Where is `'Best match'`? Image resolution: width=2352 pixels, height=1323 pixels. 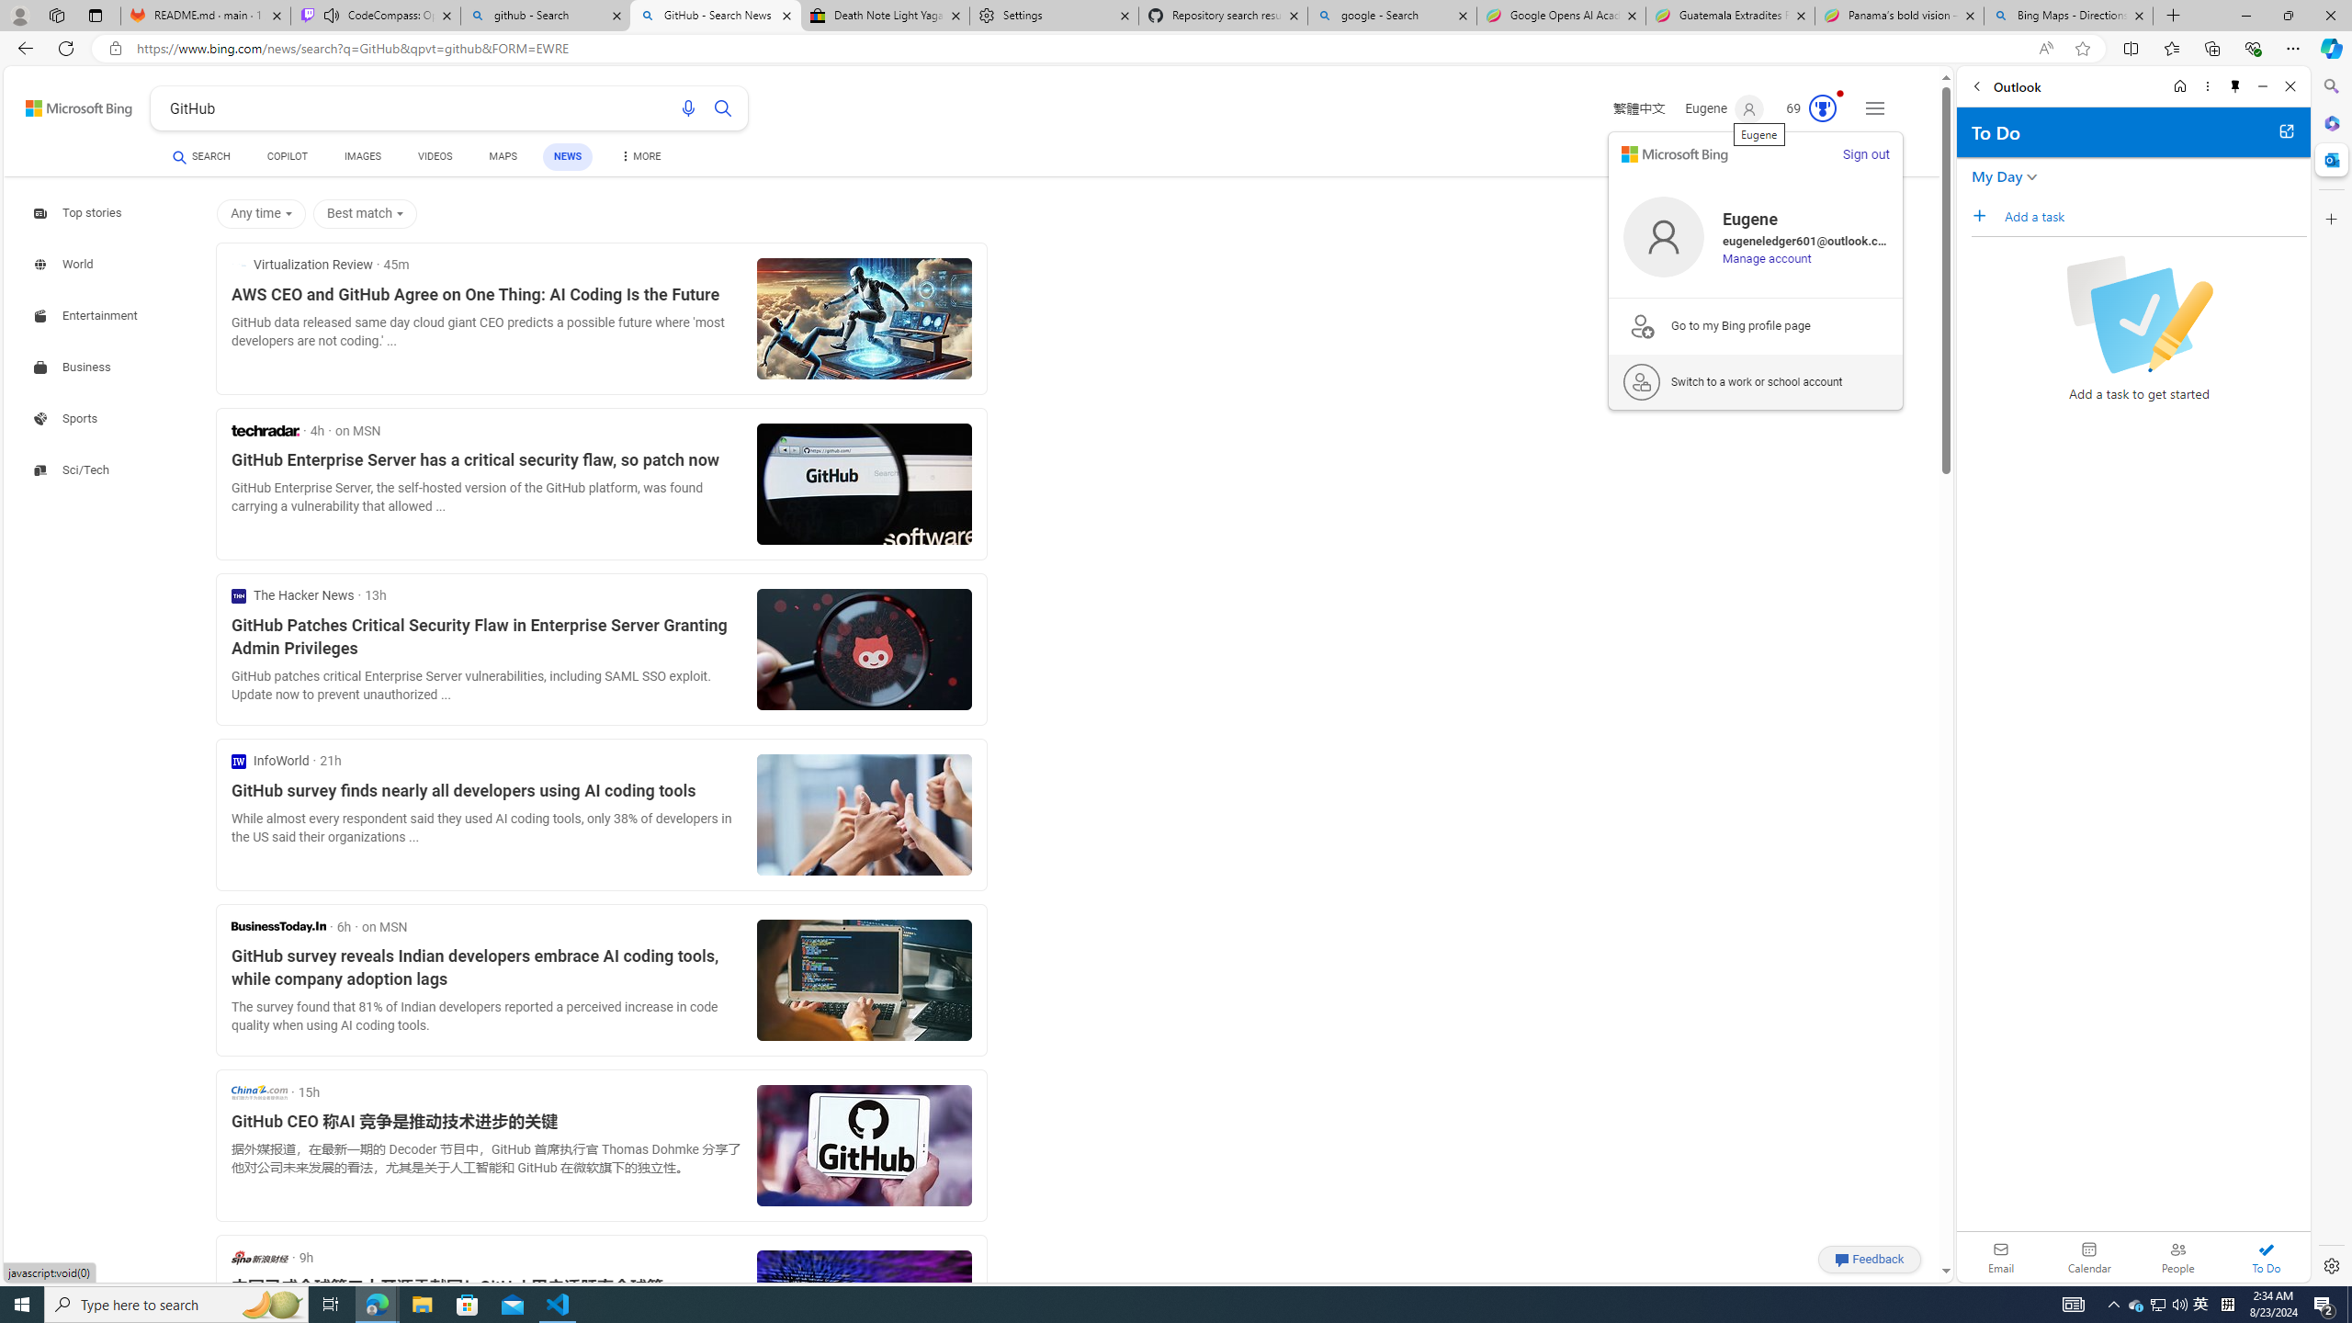 'Best match' is located at coordinates (367, 214).